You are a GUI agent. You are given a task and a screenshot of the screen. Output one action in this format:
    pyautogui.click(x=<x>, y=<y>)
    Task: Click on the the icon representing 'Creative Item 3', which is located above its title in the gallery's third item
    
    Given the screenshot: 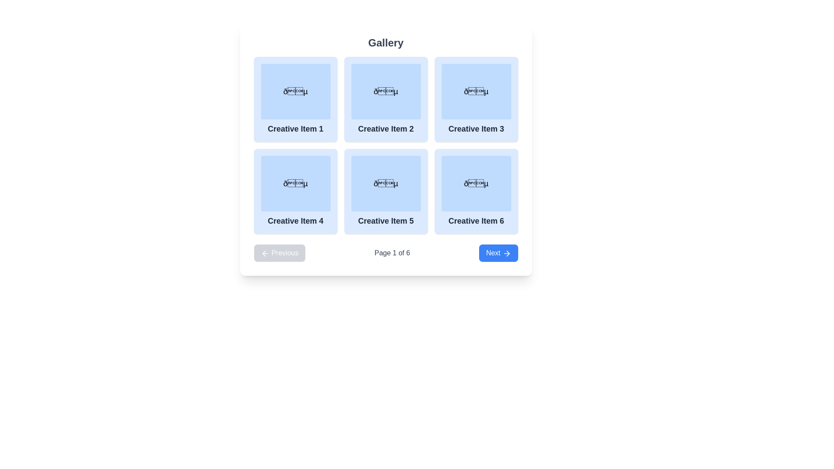 What is the action you would take?
    pyautogui.click(x=476, y=92)
    